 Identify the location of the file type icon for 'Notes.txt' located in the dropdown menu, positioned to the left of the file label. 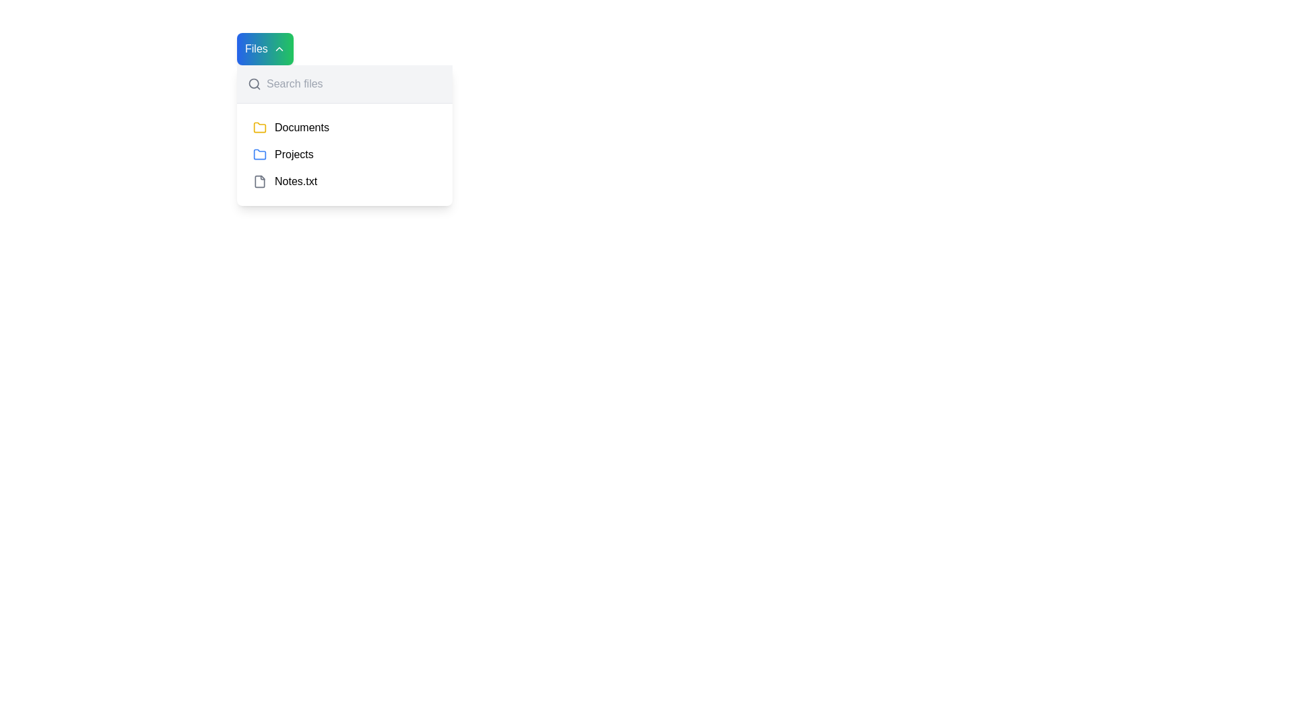
(259, 182).